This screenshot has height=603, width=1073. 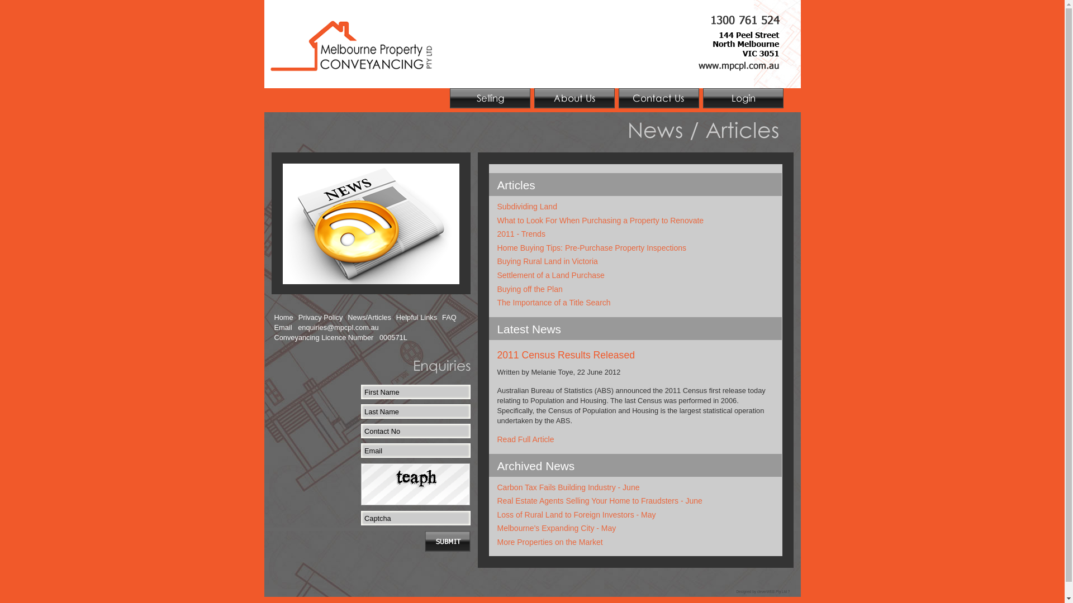 What do you see at coordinates (599, 500) in the screenshot?
I see `'Real Estate Agents Selling Your Home to Fraudsters - June'` at bounding box center [599, 500].